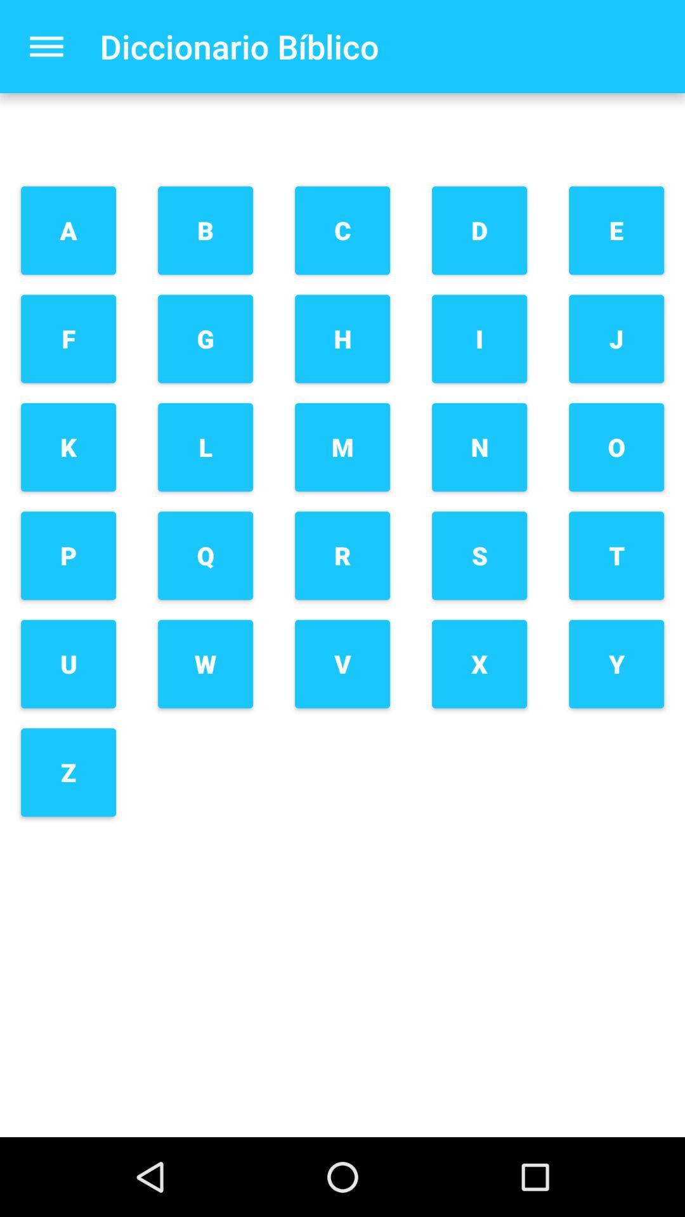 The height and width of the screenshot is (1217, 685). Describe the element at coordinates (616, 230) in the screenshot. I see `the item above j item` at that location.